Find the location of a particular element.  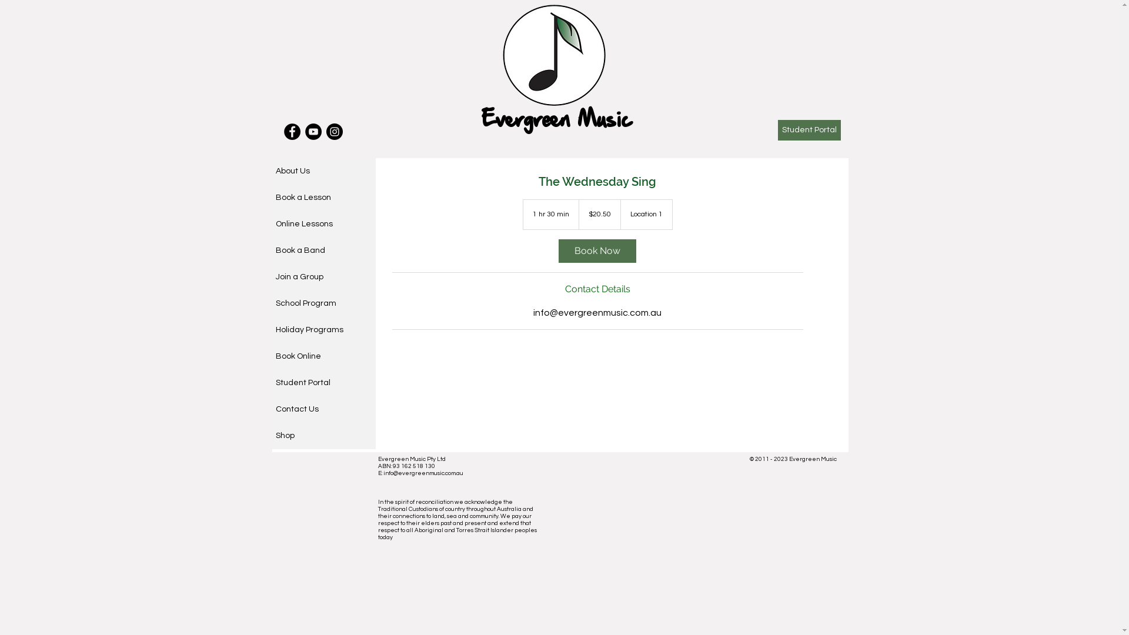

'Shop' is located at coordinates (323, 436).